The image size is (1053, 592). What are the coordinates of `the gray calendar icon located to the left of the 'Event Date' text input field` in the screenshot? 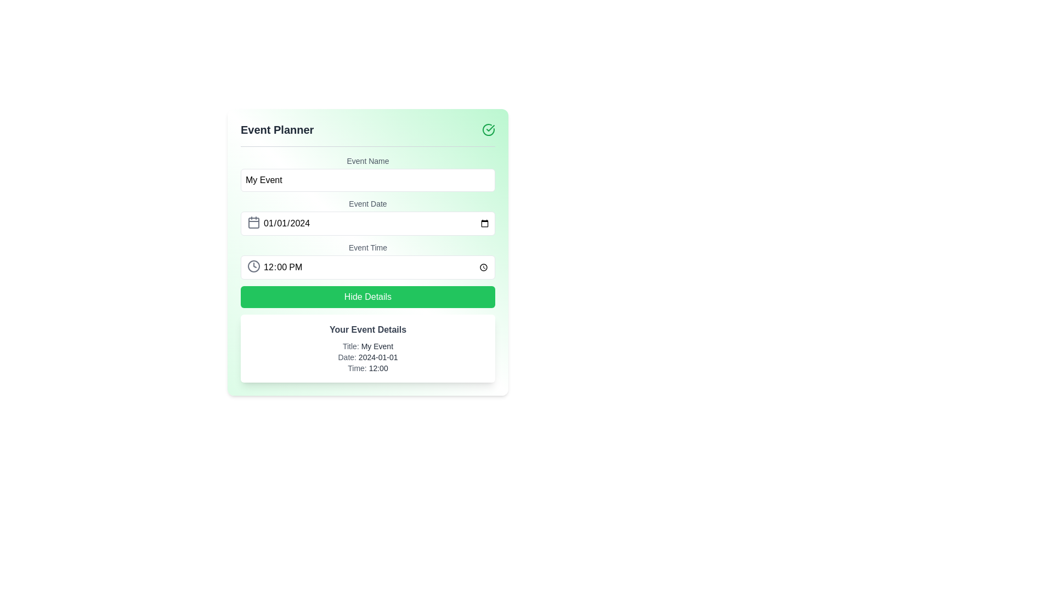 It's located at (253, 222).